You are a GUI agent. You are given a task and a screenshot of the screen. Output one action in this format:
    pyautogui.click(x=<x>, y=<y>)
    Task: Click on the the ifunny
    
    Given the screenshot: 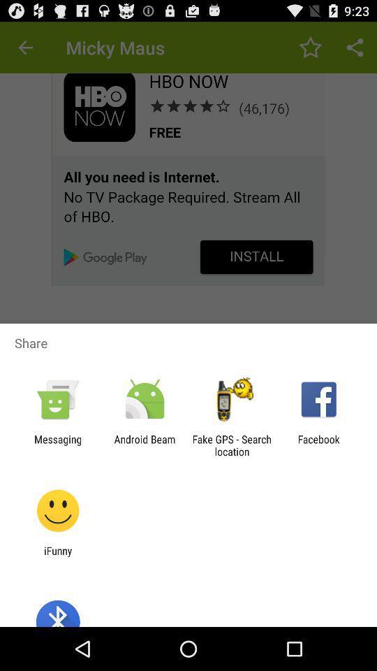 What is the action you would take?
    pyautogui.click(x=57, y=556)
    